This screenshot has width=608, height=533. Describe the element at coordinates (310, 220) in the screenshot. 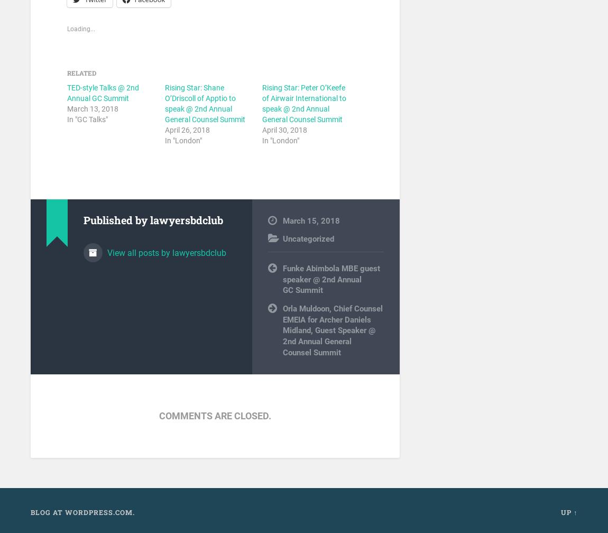

I see `'March 15, 2018'` at that location.